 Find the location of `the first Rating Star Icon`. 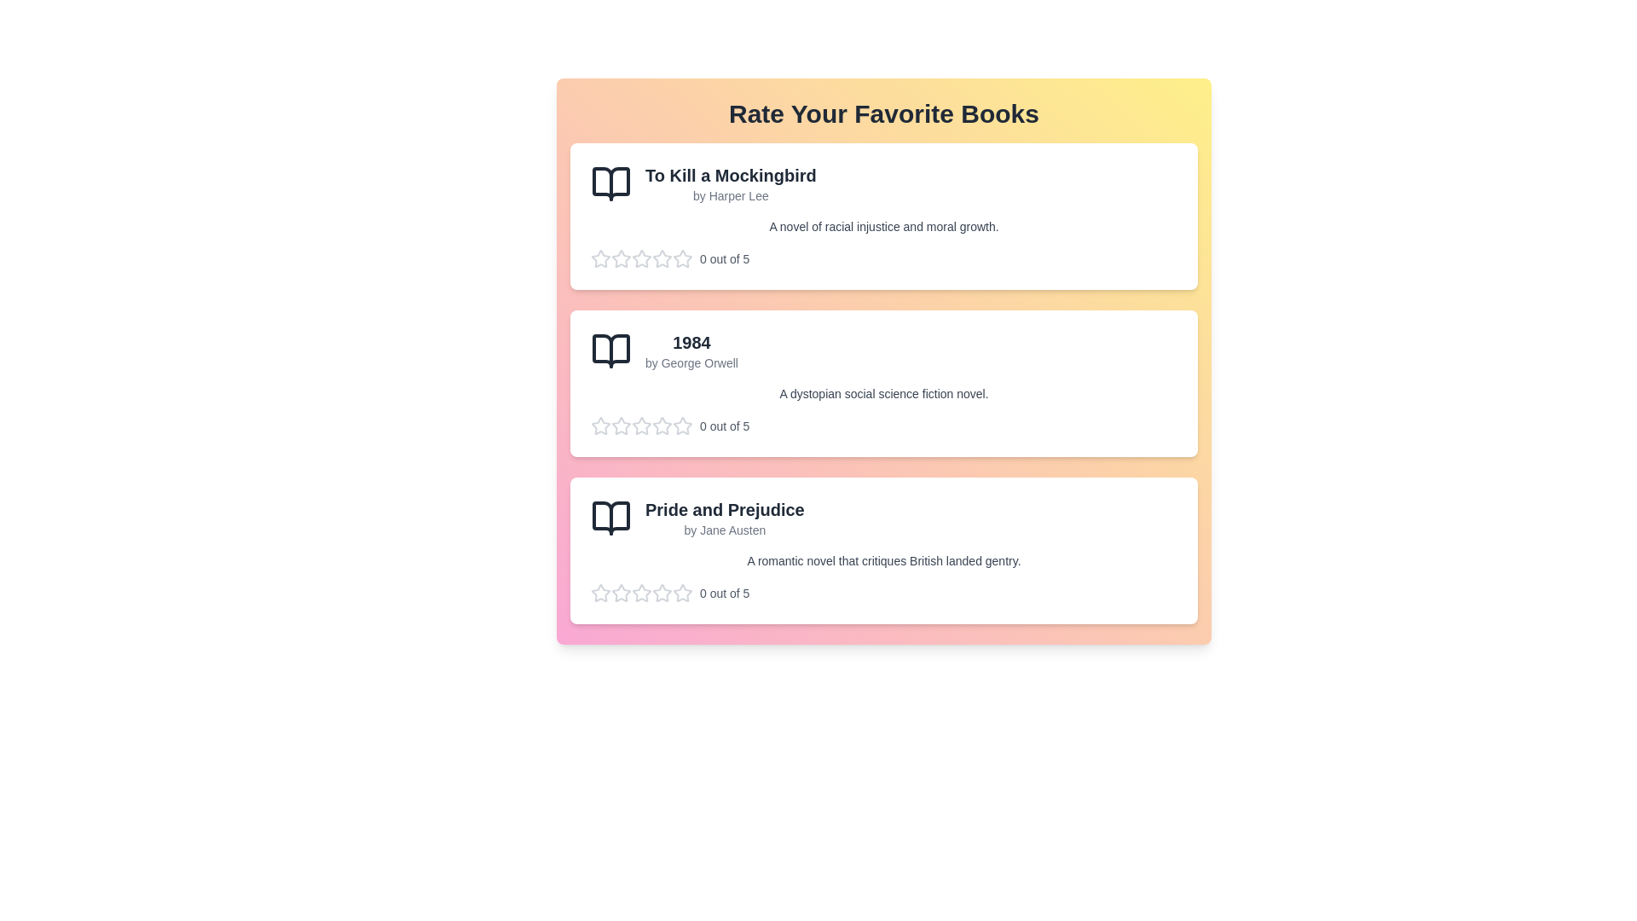

the first Rating Star Icon is located at coordinates (601, 258).